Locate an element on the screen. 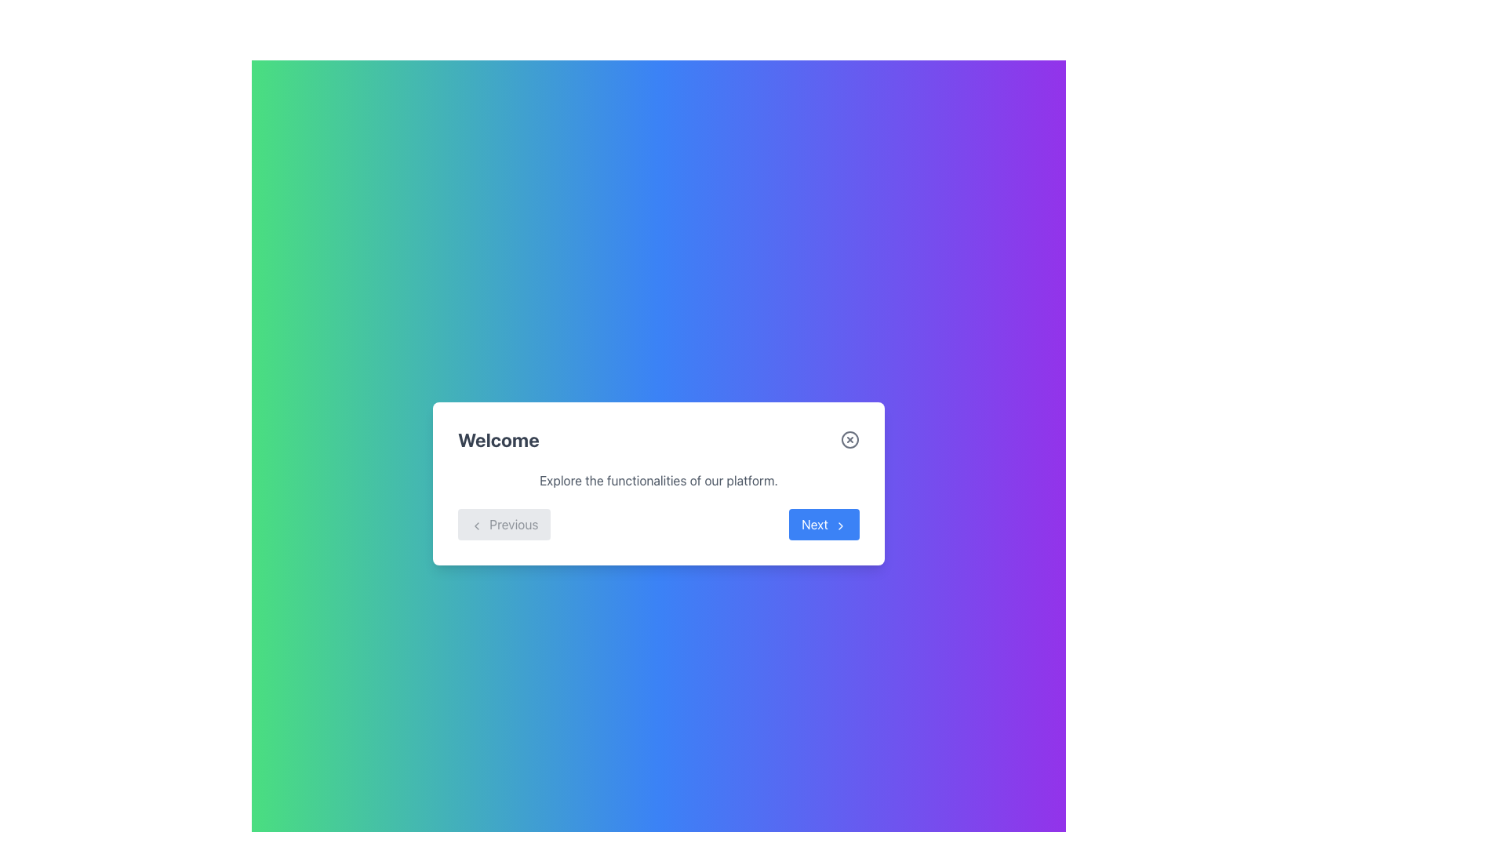  the close button represented by a gray circular icon with a cross inside, located at the top-right corner of the header section next to the 'Welcome' text label is located at coordinates (849, 439).